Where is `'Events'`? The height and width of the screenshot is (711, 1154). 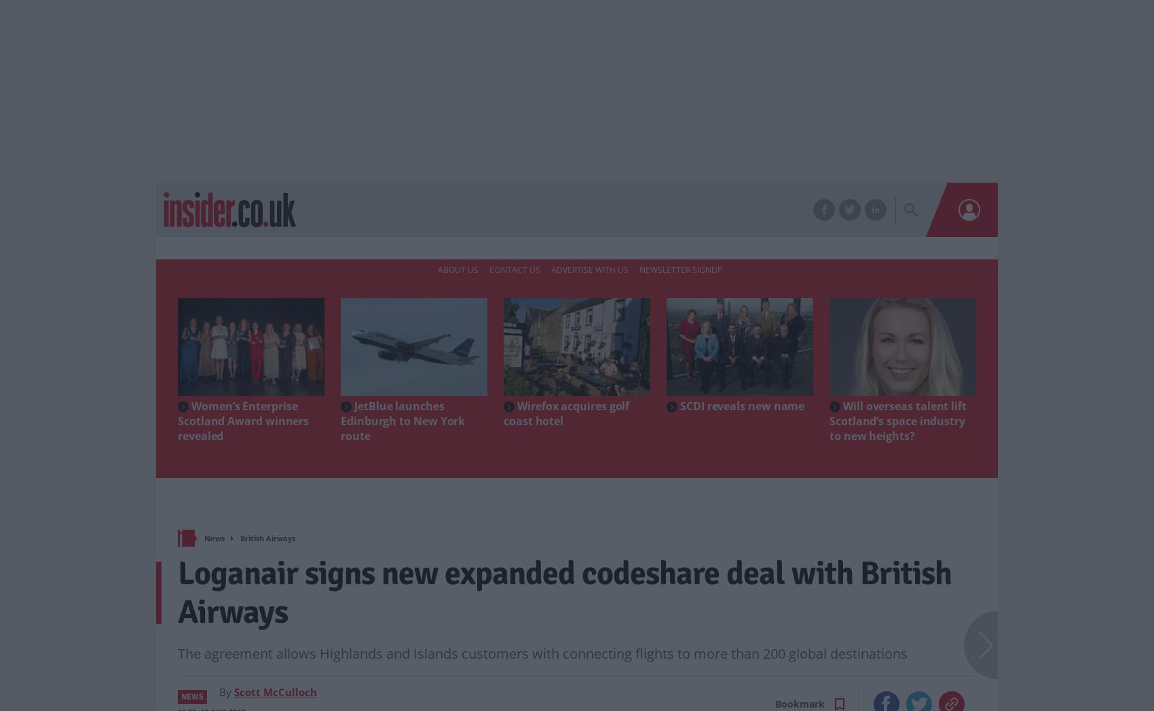
'Events' is located at coordinates (514, 210).